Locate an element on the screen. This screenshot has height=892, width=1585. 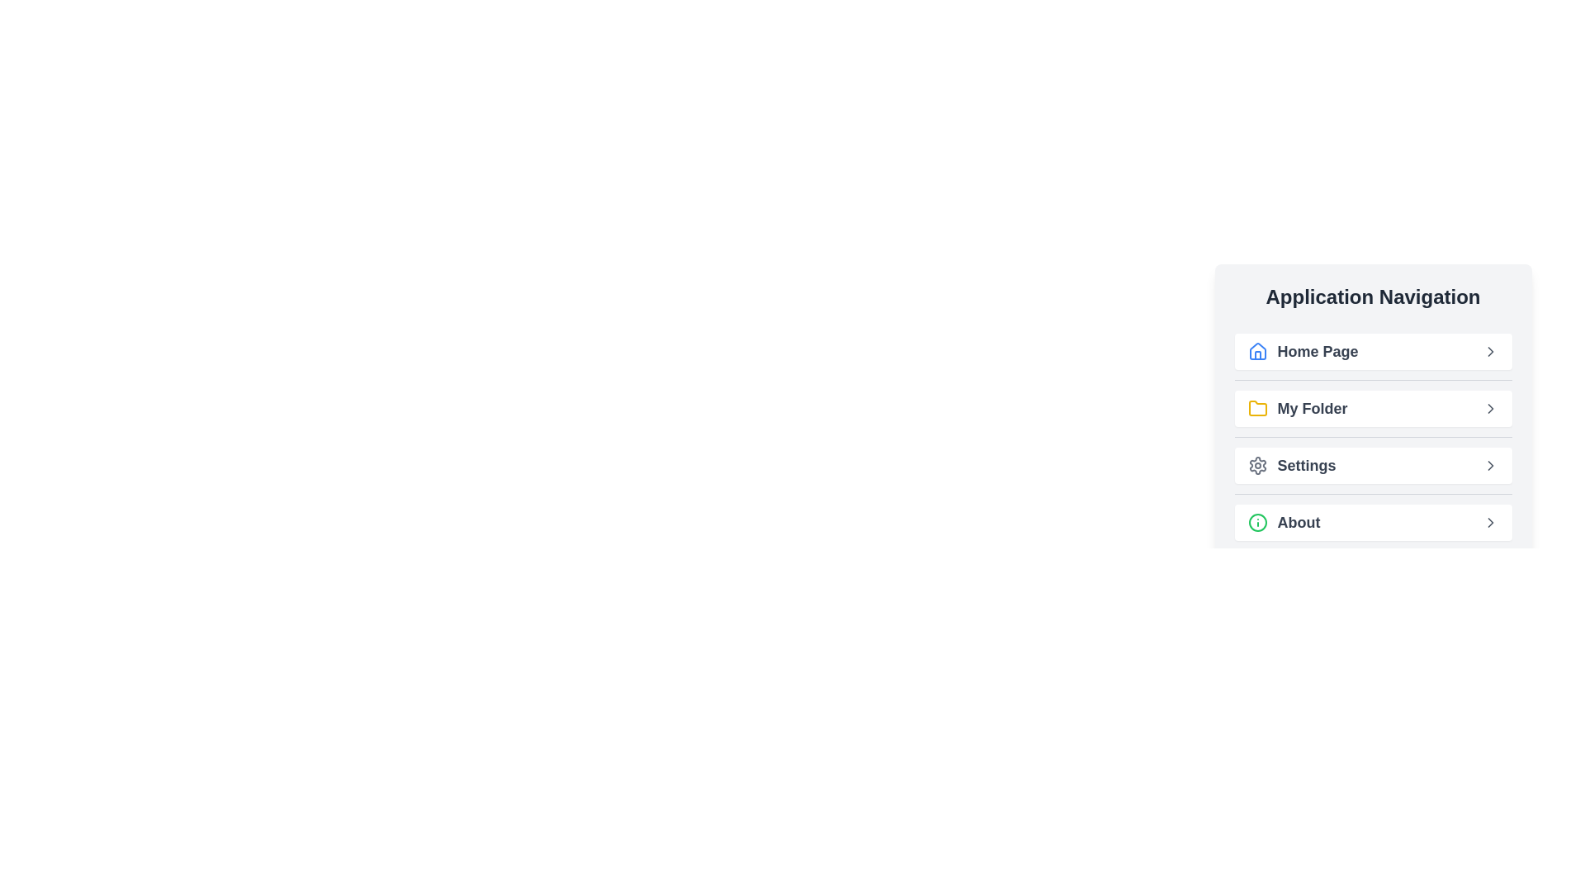
the navigation button for 'My Folder' located as the second item in the list, beneath 'Home Page' and above 'Settings' is located at coordinates (1373, 408).